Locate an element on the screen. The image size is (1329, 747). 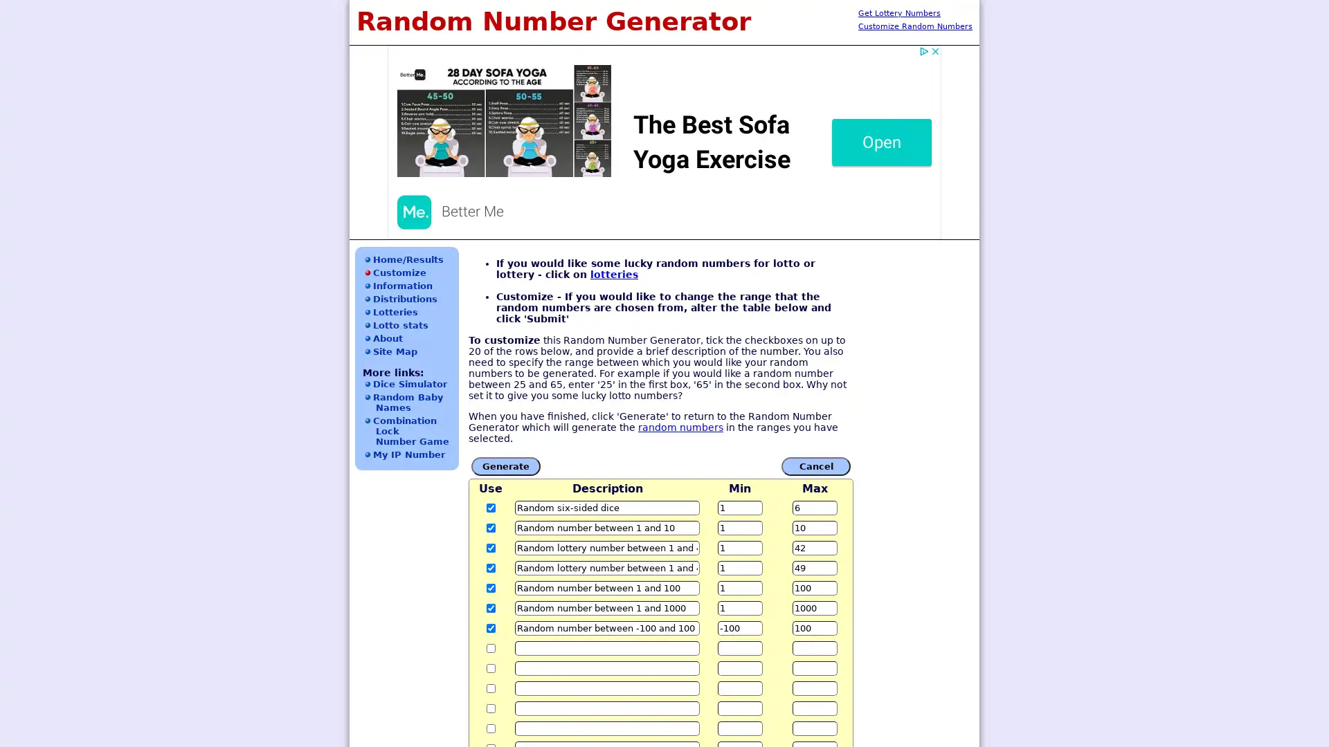
Cancel is located at coordinates (816, 465).